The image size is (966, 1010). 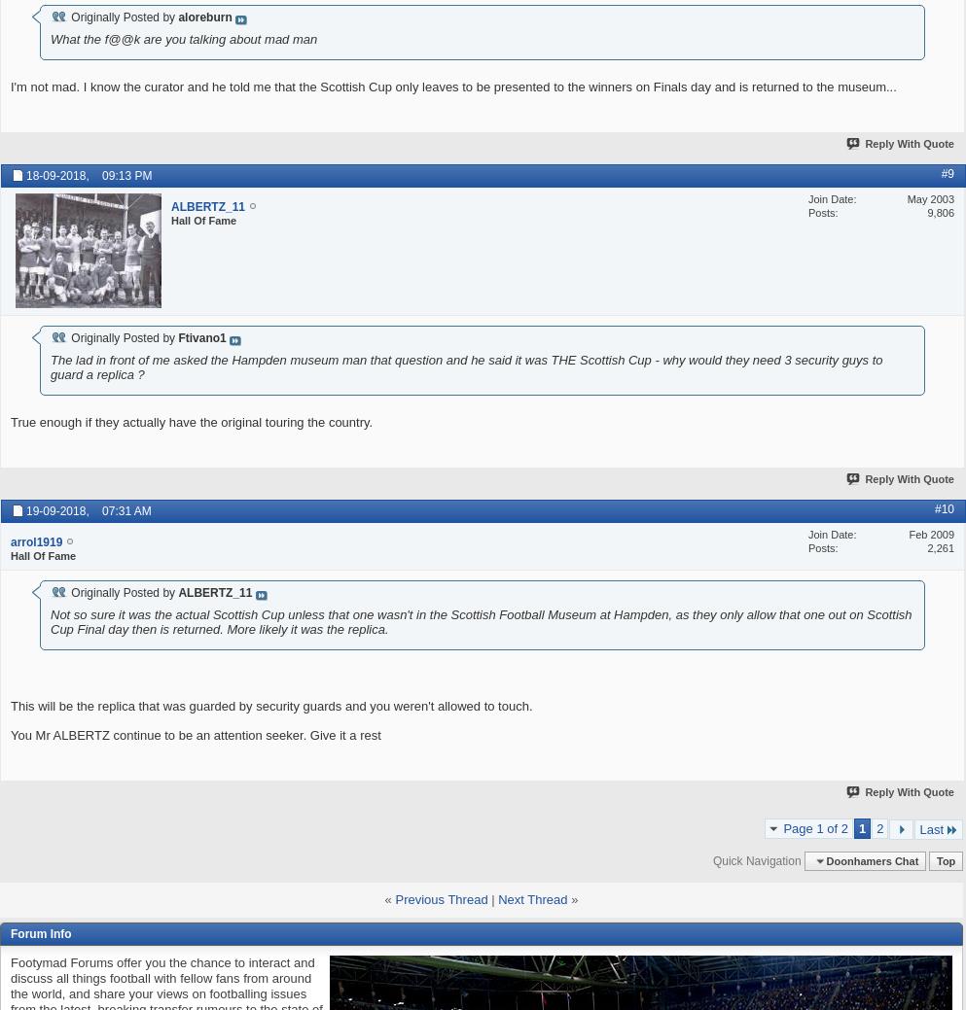 I want to click on 'Previous Thread', so click(x=441, y=898).